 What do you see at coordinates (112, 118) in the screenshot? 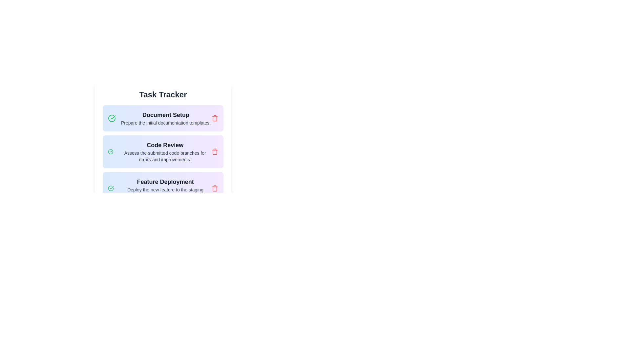
I see `the green check mark icon that is positioned to the left of the 'Document Setup' text in the task cell` at bounding box center [112, 118].